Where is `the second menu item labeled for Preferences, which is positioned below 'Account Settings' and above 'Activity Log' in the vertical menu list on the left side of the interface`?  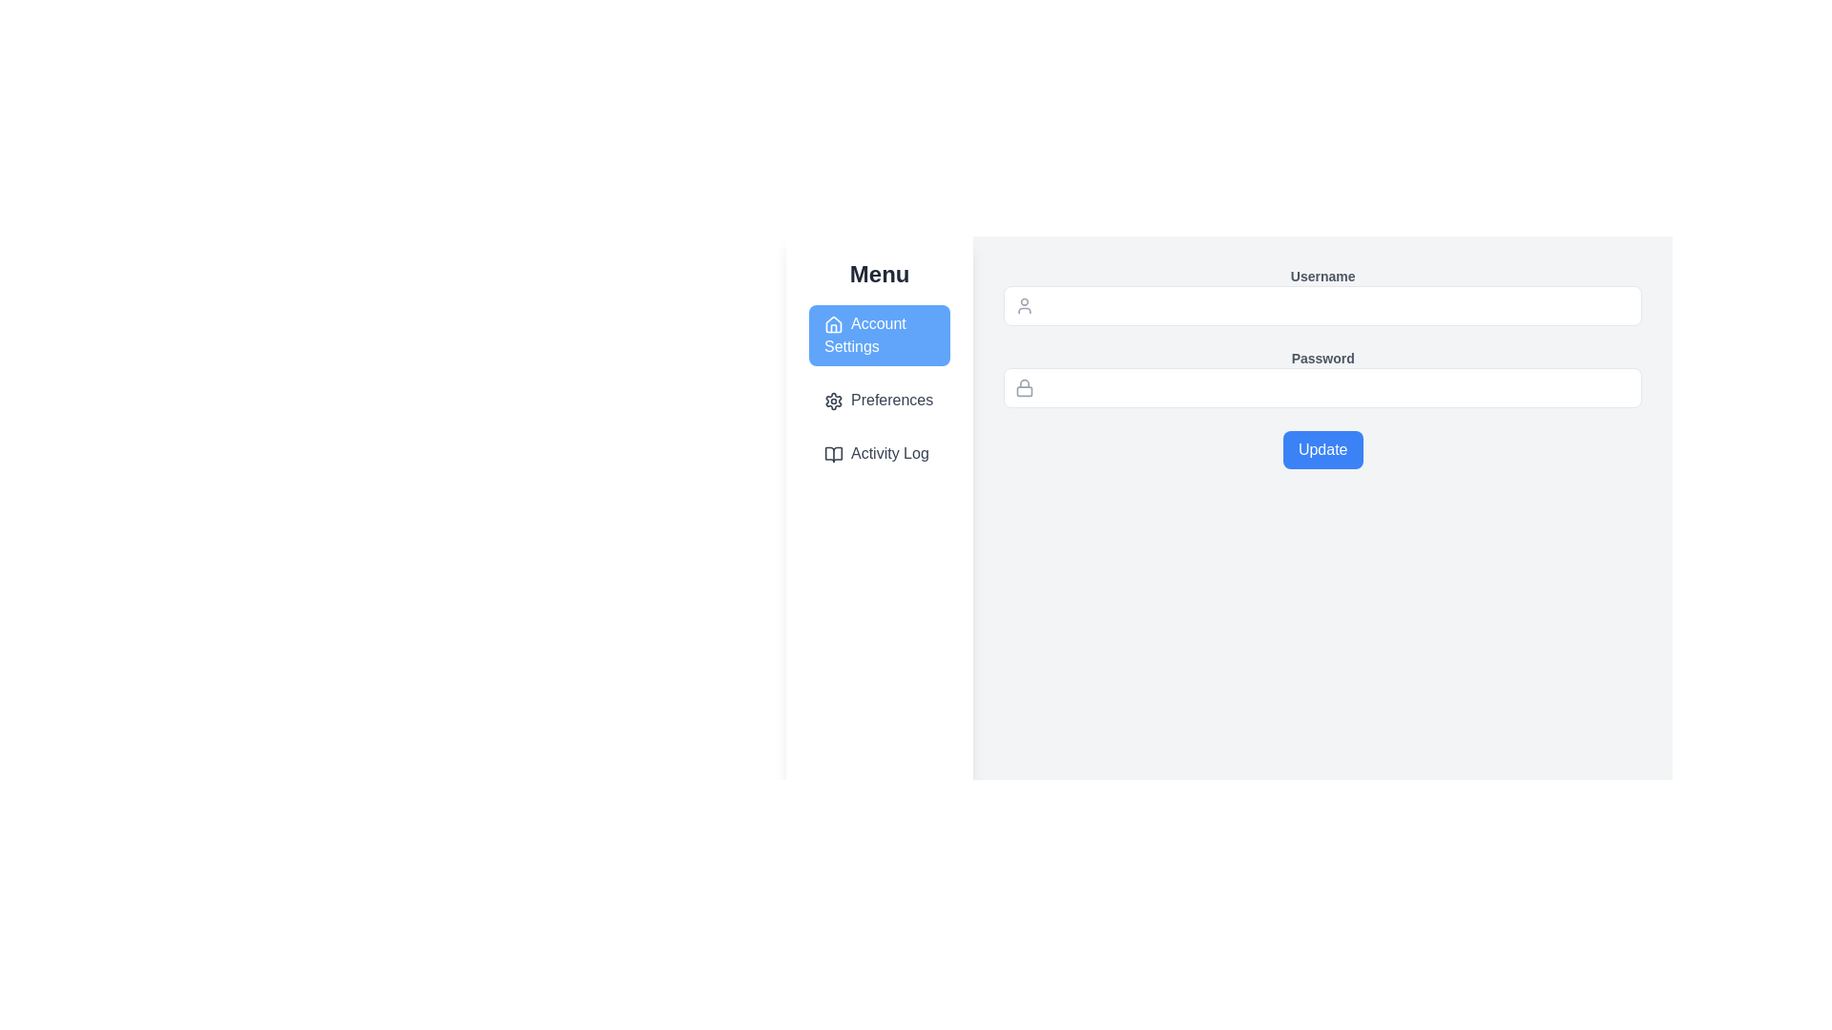 the second menu item labeled for Preferences, which is positioned below 'Account Settings' and above 'Activity Log' in the vertical menu list on the left side of the interface is located at coordinates (879, 400).